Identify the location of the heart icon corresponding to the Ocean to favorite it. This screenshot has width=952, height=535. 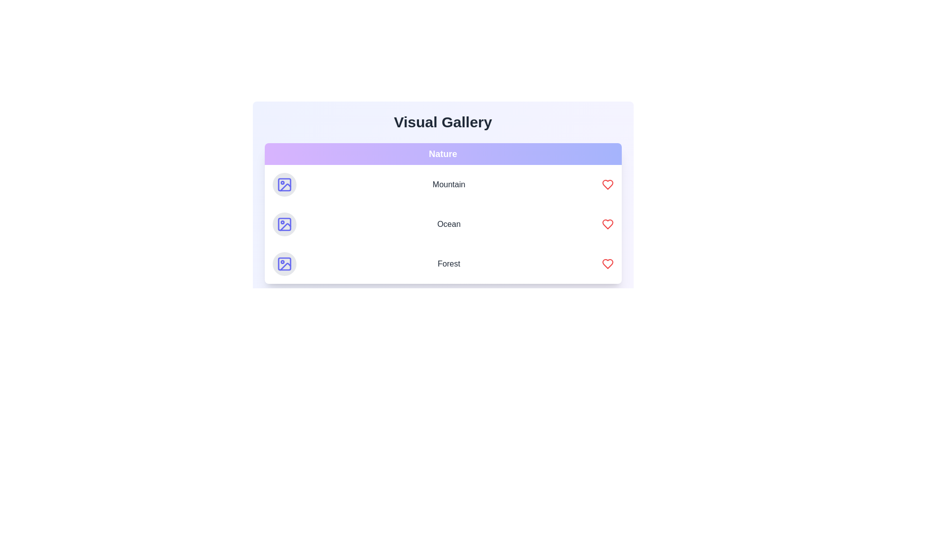
(607, 224).